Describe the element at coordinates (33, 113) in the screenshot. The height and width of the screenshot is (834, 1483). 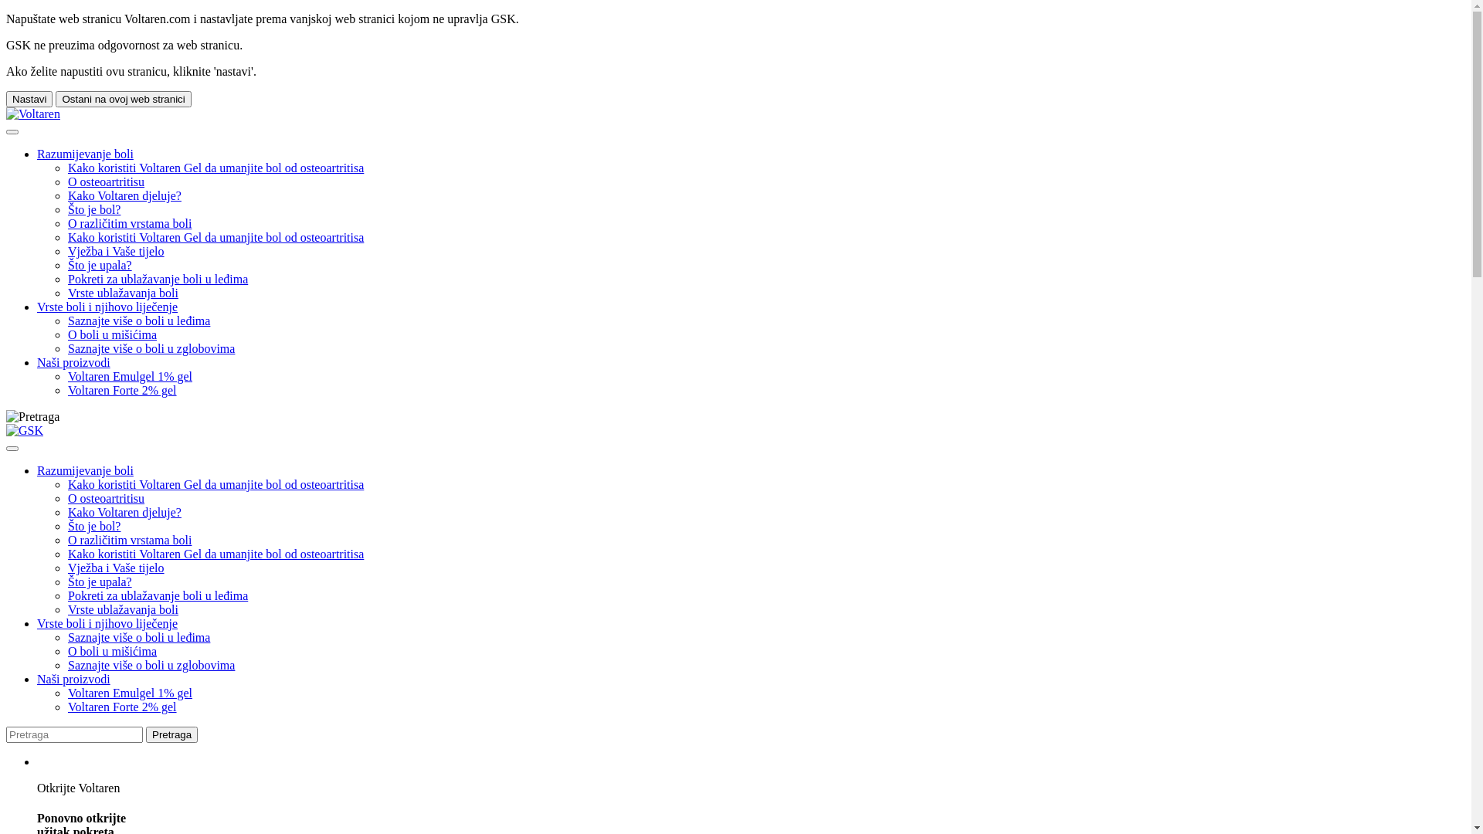
I see `'Voltaren'` at that location.